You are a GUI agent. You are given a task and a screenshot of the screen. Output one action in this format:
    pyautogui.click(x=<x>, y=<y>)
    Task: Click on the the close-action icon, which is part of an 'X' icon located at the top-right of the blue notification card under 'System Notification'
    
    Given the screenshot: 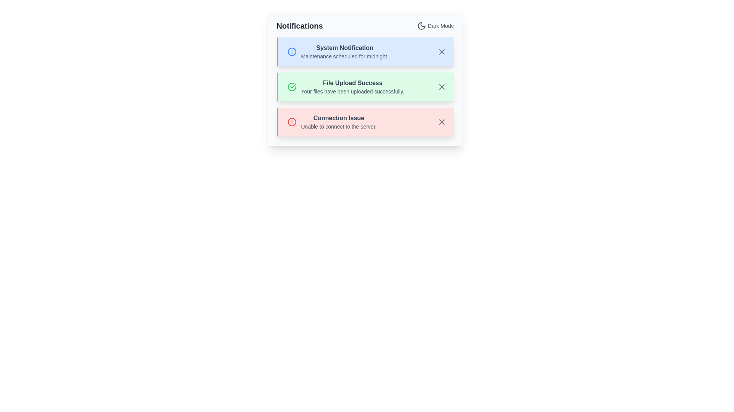 What is the action you would take?
    pyautogui.click(x=442, y=51)
    